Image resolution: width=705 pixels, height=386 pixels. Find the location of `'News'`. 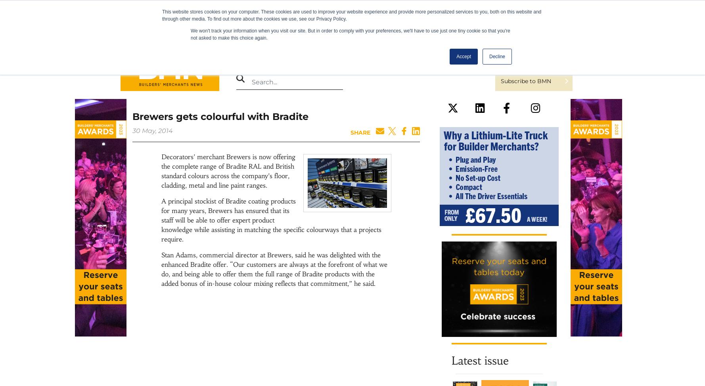

'News' is located at coordinates (238, 59).